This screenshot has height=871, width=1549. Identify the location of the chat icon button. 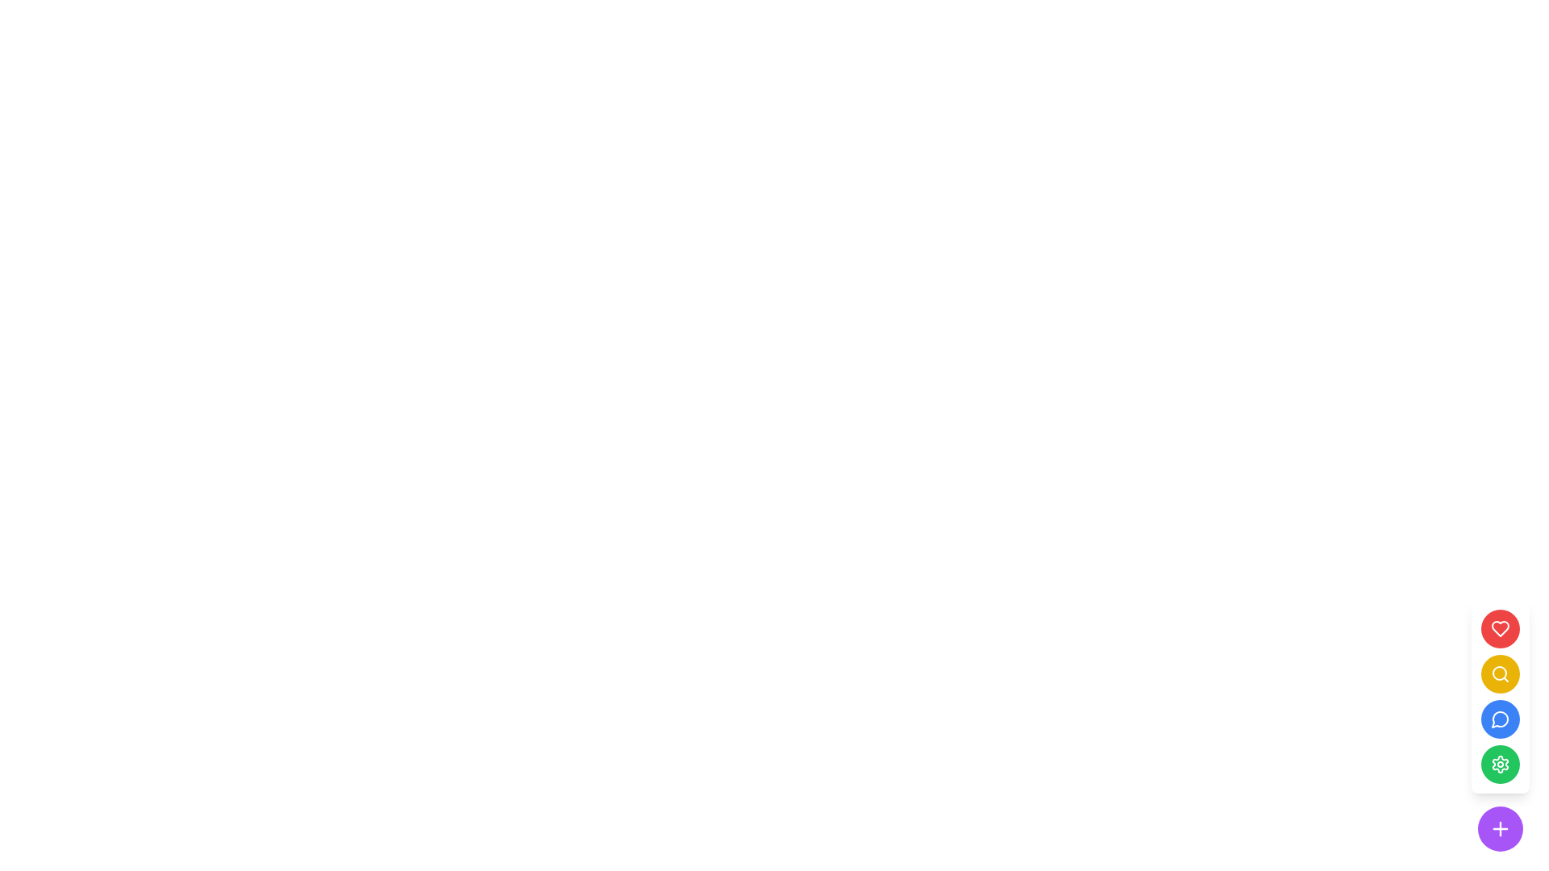
(1500, 718).